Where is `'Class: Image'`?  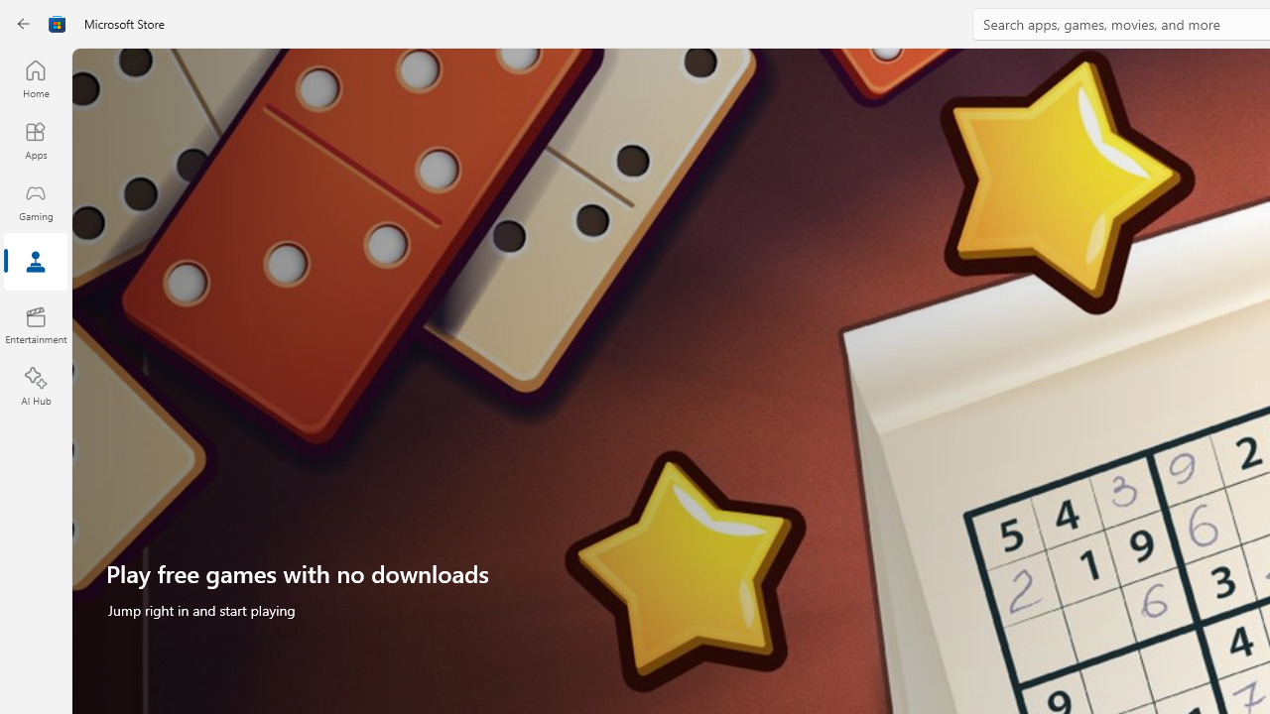 'Class: Image' is located at coordinates (58, 24).